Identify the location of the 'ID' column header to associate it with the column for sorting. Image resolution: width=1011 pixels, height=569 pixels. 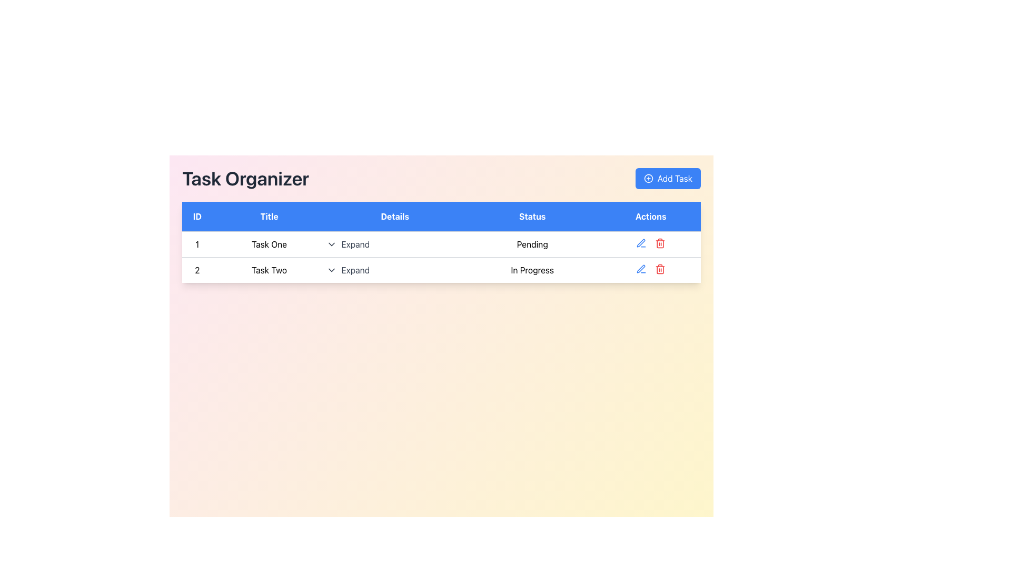
(197, 216).